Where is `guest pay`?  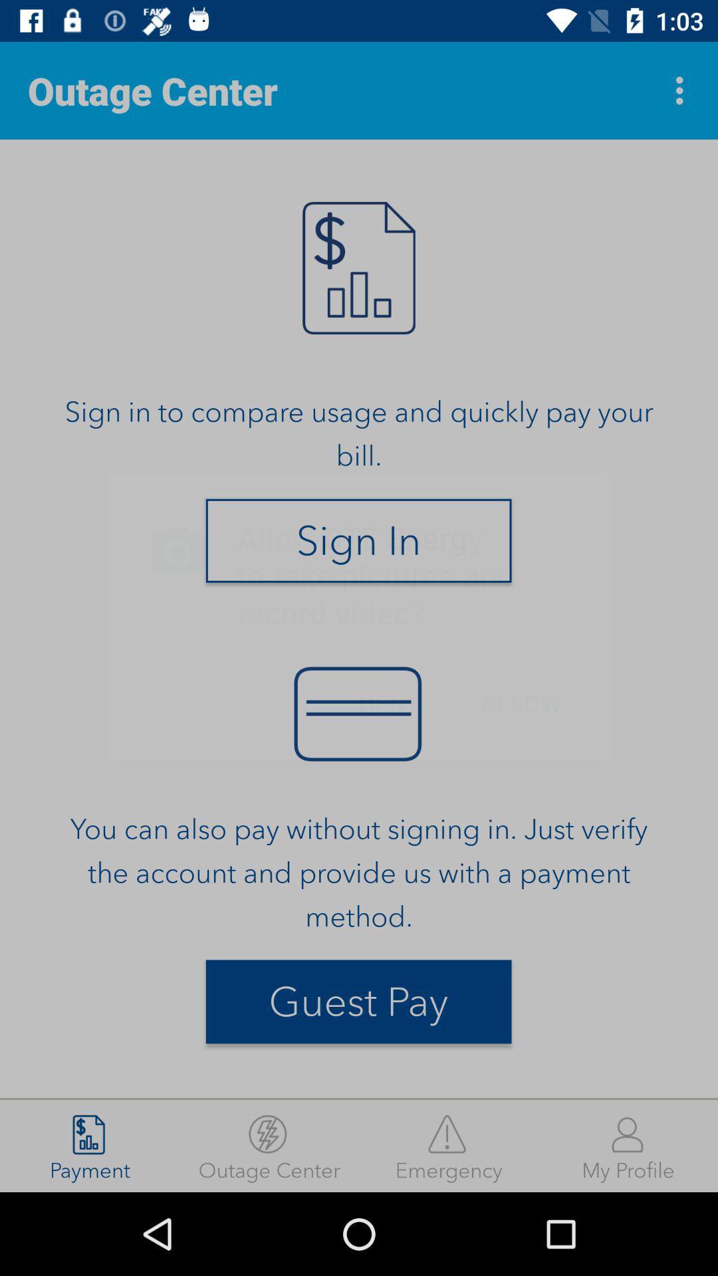
guest pay is located at coordinates (359, 1002).